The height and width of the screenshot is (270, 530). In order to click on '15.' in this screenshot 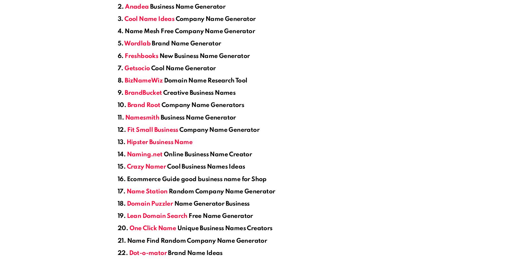, I will do `click(117, 167)`.